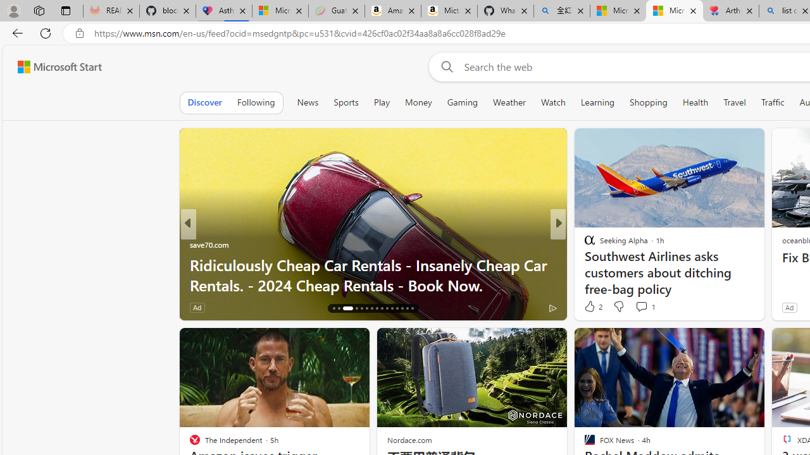 This screenshot has height=455, width=810. What do you see at coordinates (649, 102) in the screenshot?
I see `'Shopping'` at bounding box center [649, 102].